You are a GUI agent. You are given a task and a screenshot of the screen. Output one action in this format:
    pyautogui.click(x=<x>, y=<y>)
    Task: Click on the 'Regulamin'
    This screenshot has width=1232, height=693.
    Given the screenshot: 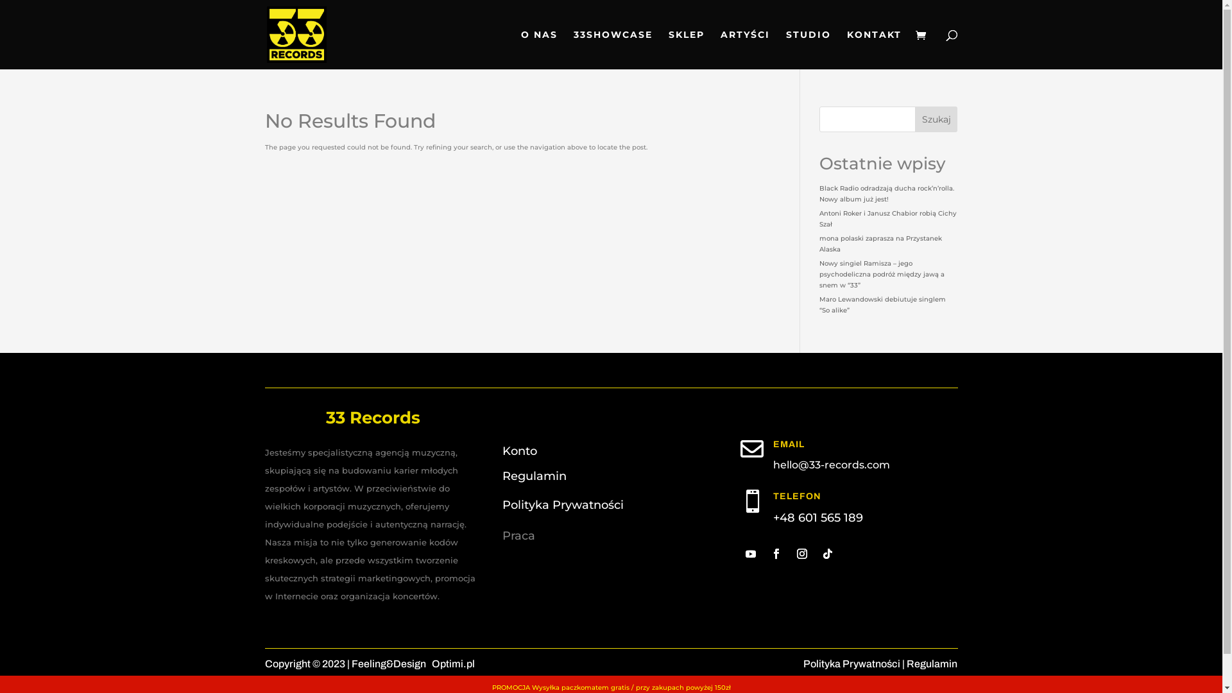 What is the action you would take?
    pyautogui.click(x=905, y=663)
    